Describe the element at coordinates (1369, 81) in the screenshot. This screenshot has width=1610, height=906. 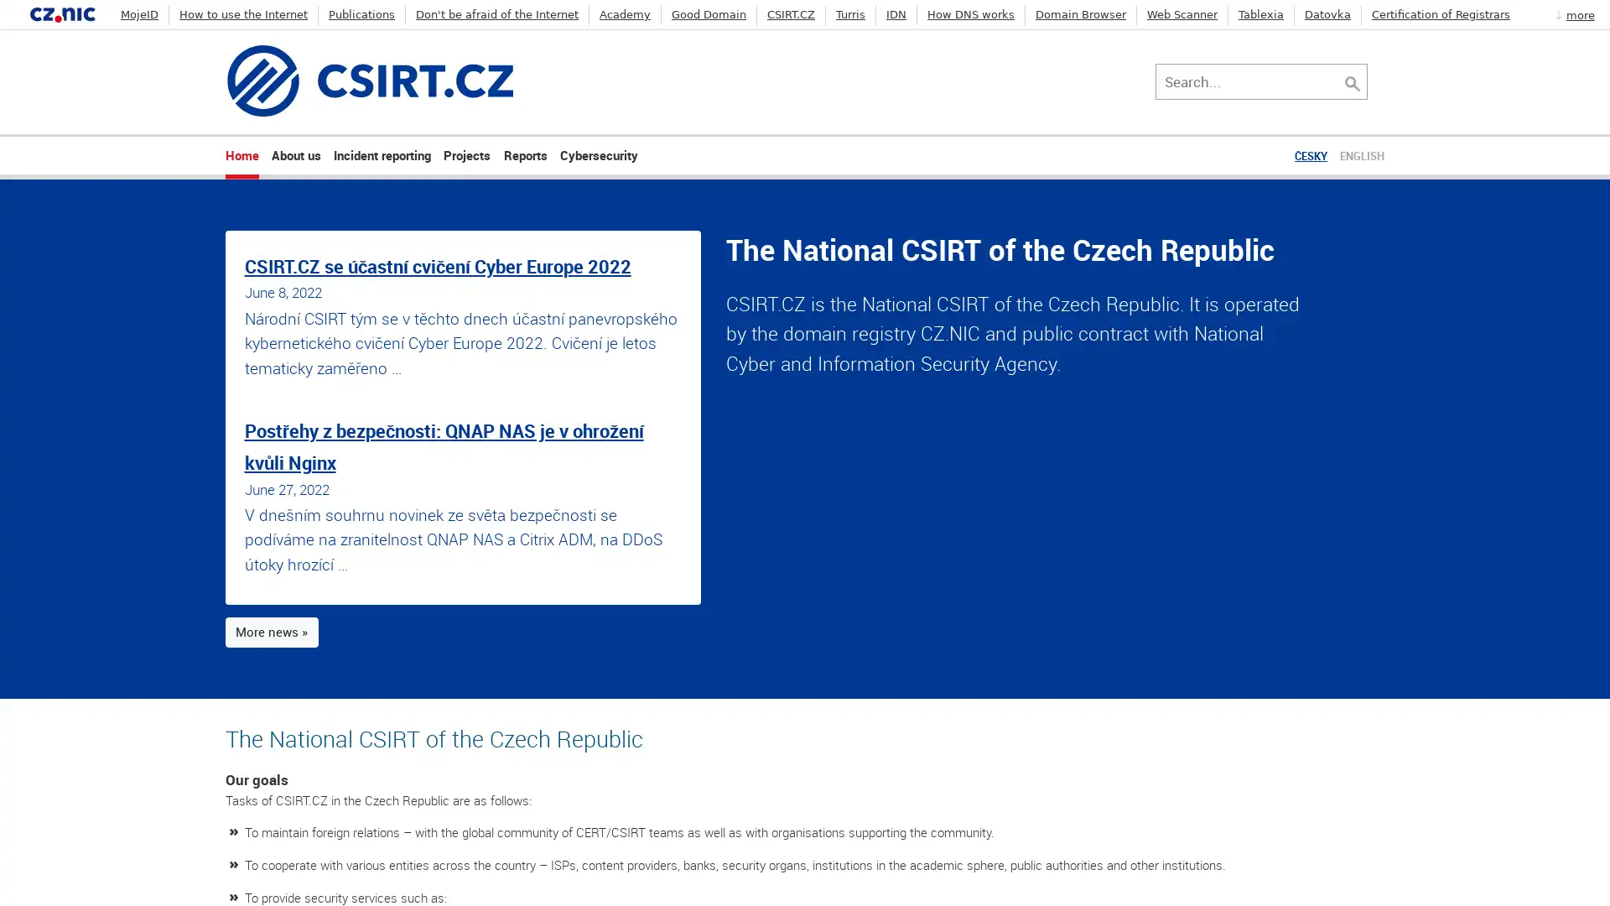
I see `Search button` at that location.